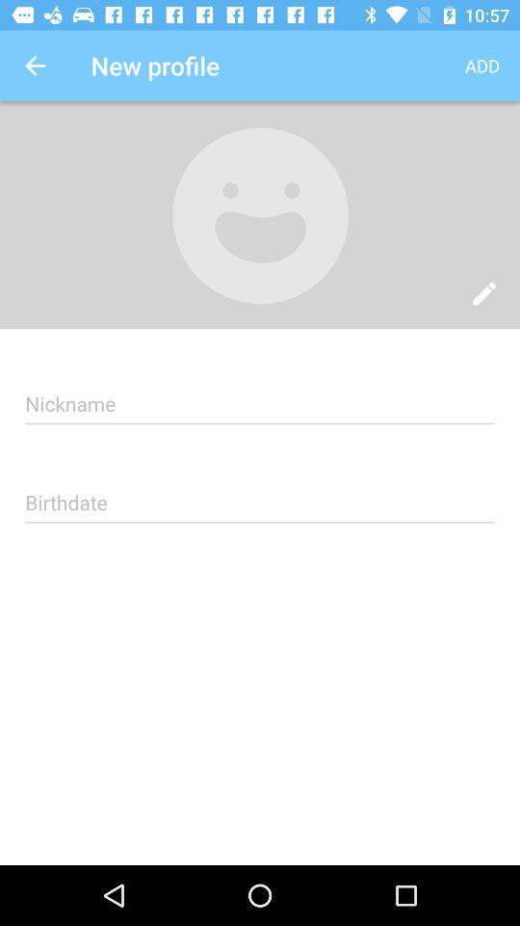 The width and height of the screenshot is (520, 926). What do you see at coordinates (35, 66) in the screenshot?
I see `the app next to the new profile item` at bounding box center [35, 66].